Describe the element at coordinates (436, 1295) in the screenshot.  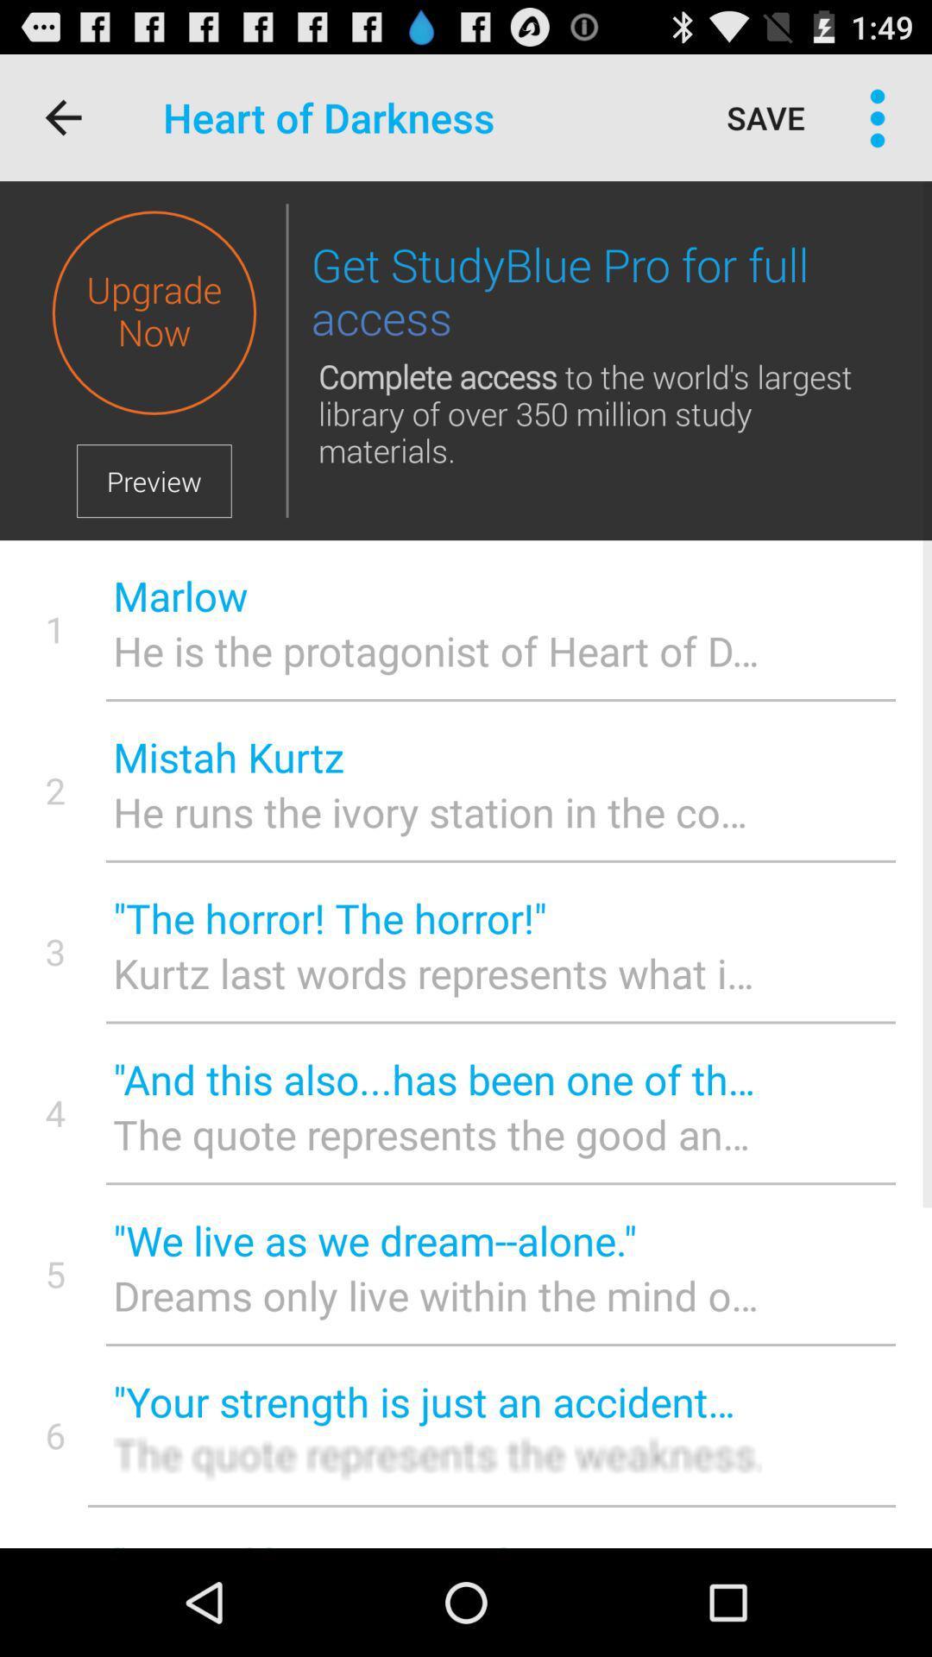
I see `the item below we live as item` at that location.